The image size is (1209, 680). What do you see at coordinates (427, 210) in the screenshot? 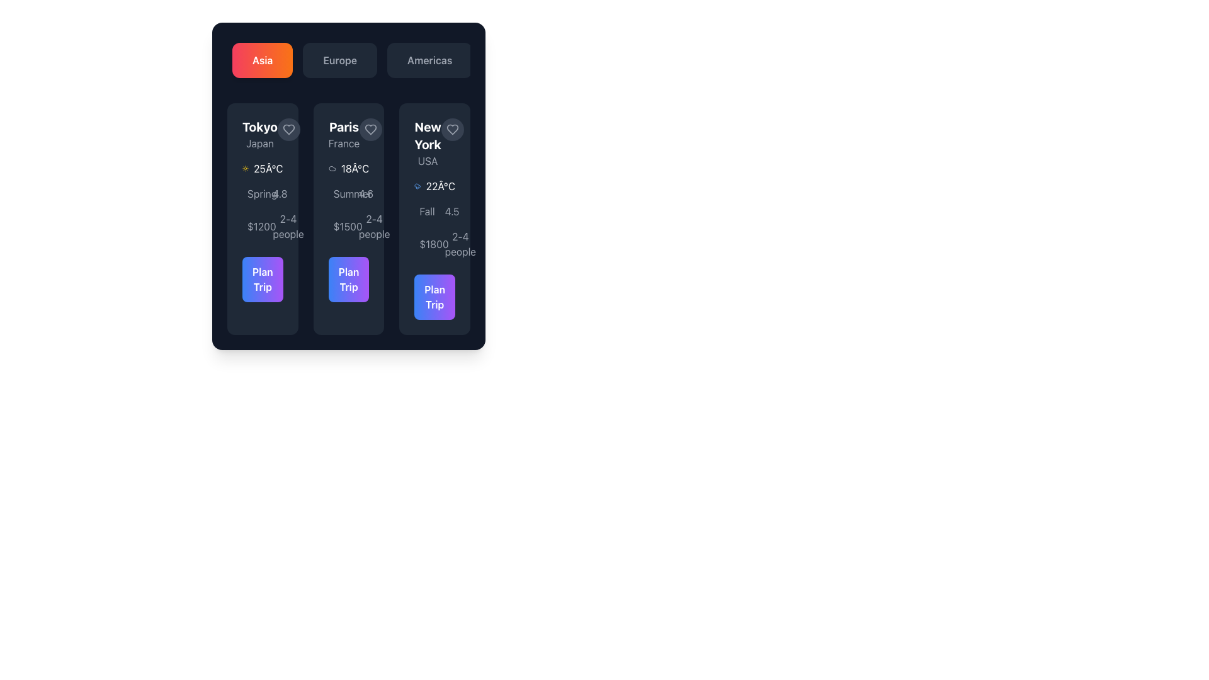
I see `the 'Fall' label located in the third column under the 'New York, USA' section, which displays the season associated with the travel destination` at bounding box center [427, 210].